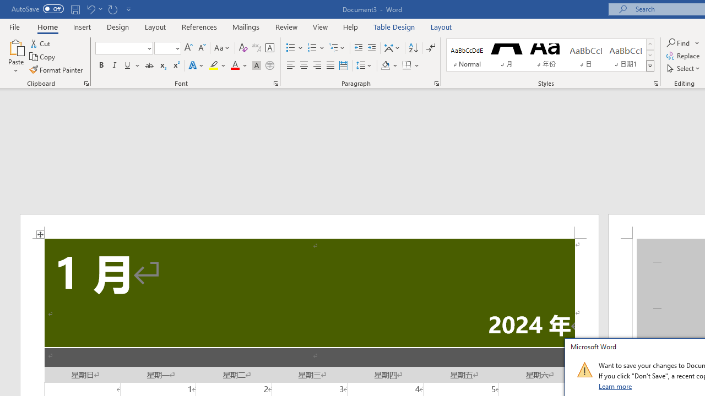 The height and width of the screenshot is (396, 705). I want to click on 'Font Size', so click(164, 47).